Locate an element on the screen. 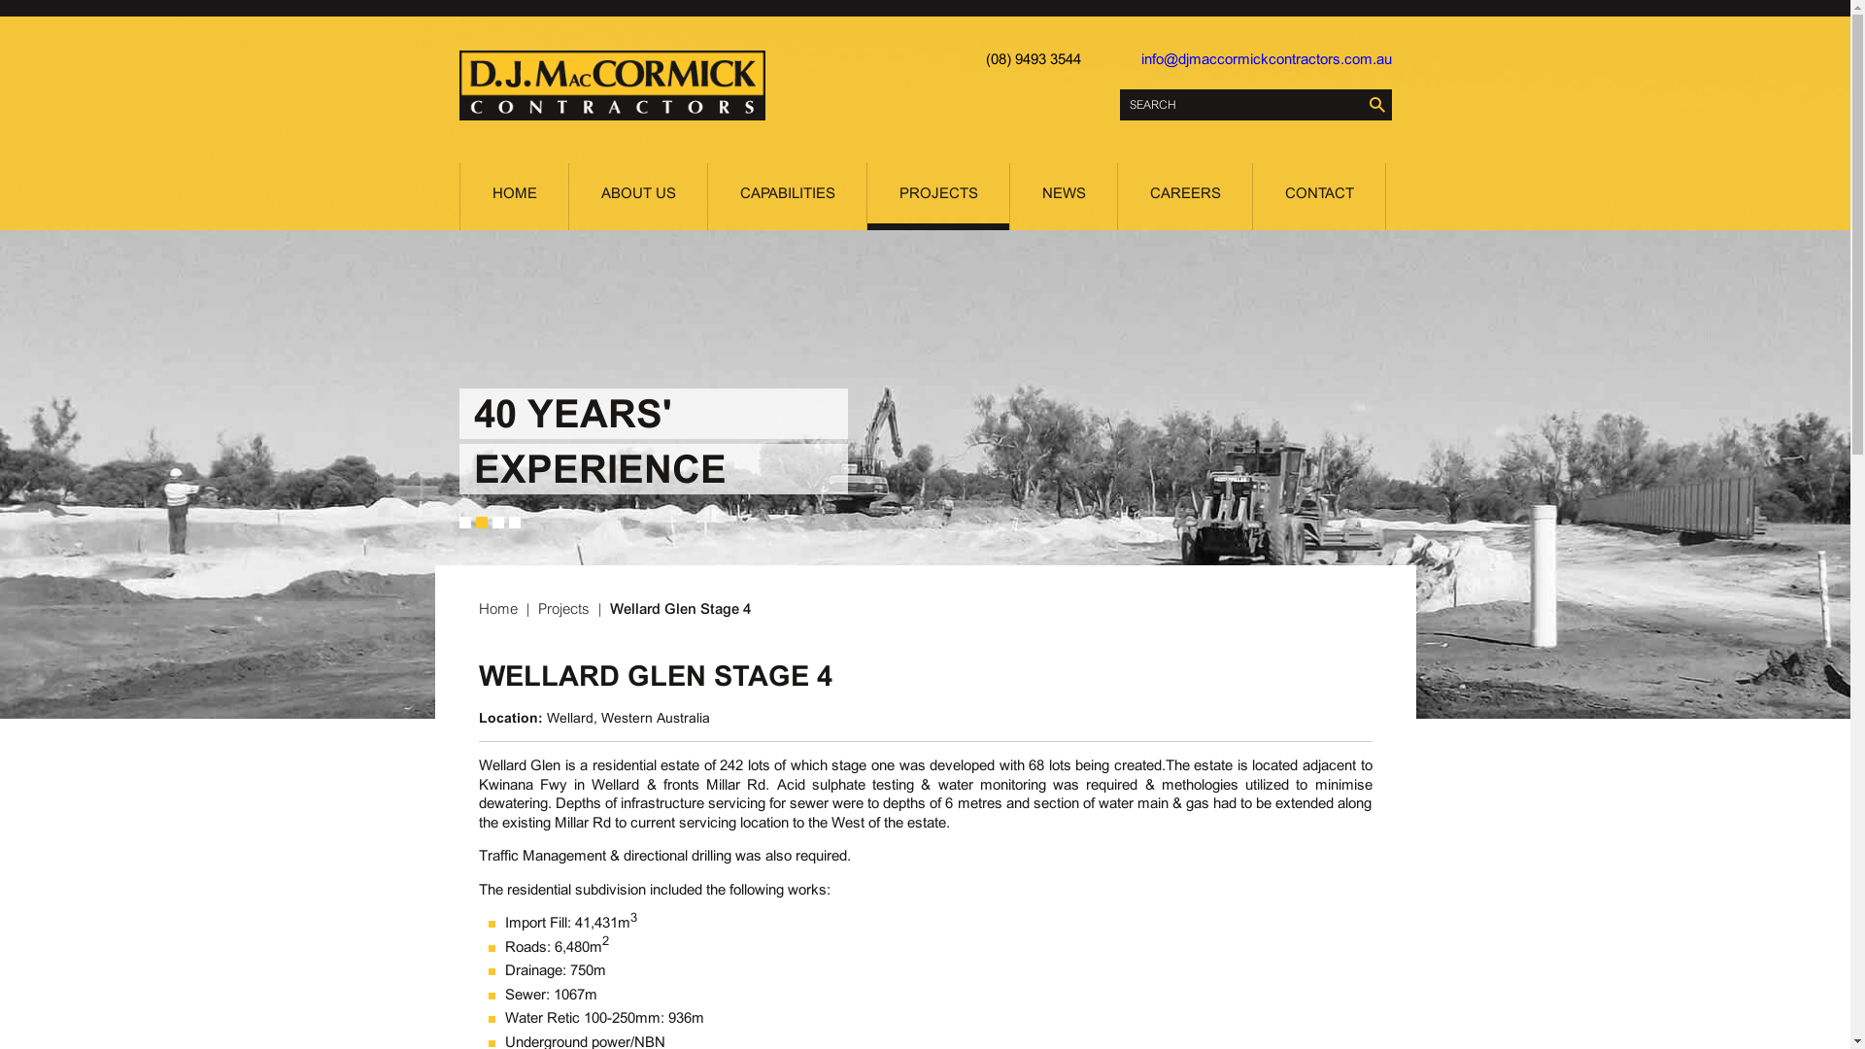 The height and width of the screenshot is (1049, 1865). 'HOME' is located at coordinates (514, 196).